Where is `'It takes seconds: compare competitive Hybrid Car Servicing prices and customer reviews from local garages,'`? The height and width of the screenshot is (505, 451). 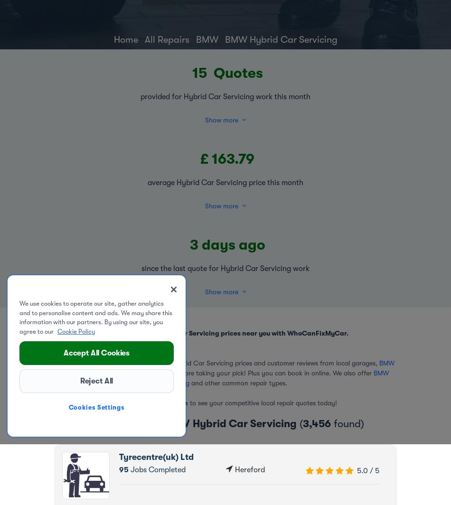
'It takes seconds: compare competitive Hybrid Car Servicing prices and customer reviews from local garages,' is located at coordinates (217, 362).